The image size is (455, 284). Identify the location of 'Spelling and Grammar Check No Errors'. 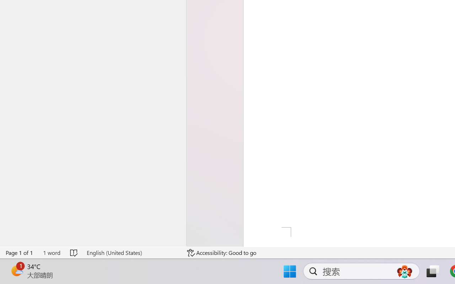
(74, 252).